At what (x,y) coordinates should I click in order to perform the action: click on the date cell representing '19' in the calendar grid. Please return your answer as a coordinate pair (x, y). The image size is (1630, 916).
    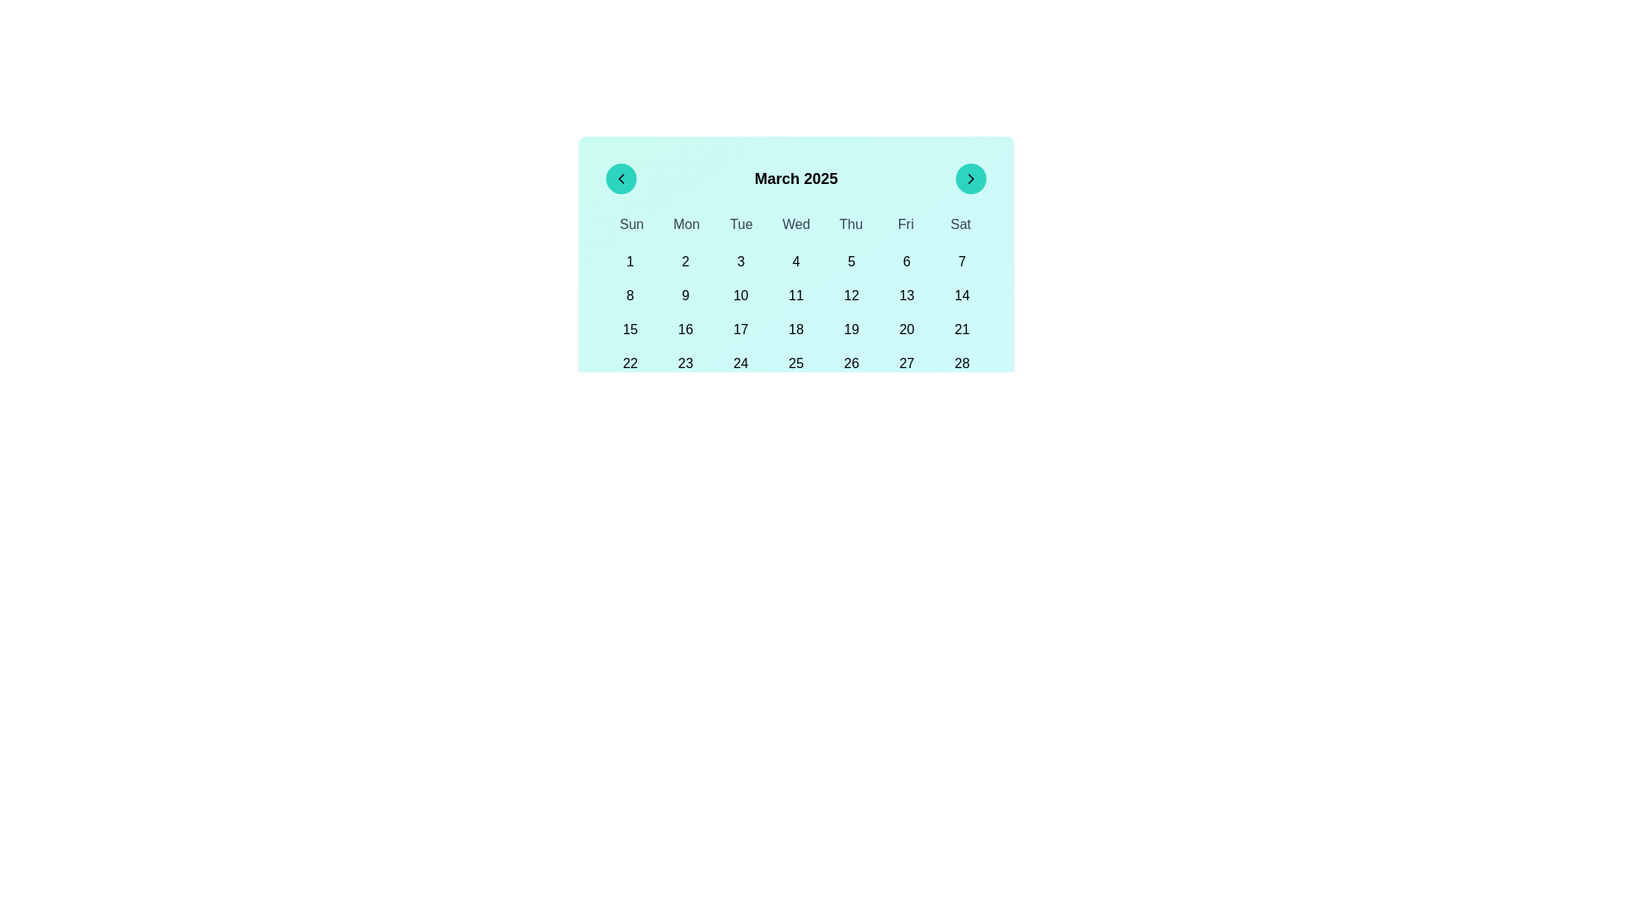
    Looking at the image, I should click on (852, 330).